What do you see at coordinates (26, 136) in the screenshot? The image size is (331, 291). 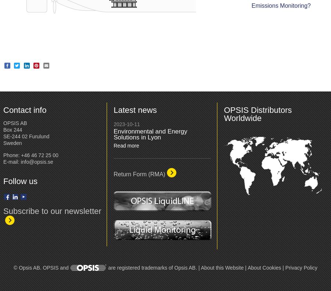 I see `'SE-244 02 Furulund'` at bounding box center [26, 136].